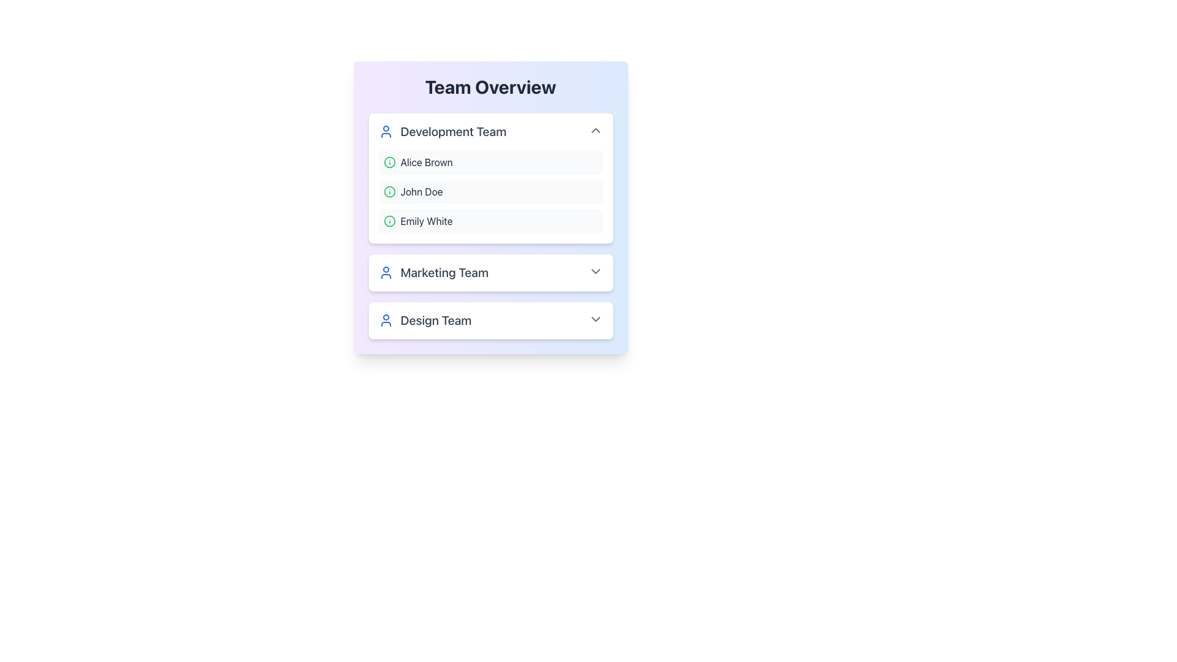 This screenshot has height=662, width=1177. What do you see at coordinates (490, 221) in the screenshot?
I see `the list item representing the user 'Emily White' in the 'Development Team' section` at bounding box center [490, 221].